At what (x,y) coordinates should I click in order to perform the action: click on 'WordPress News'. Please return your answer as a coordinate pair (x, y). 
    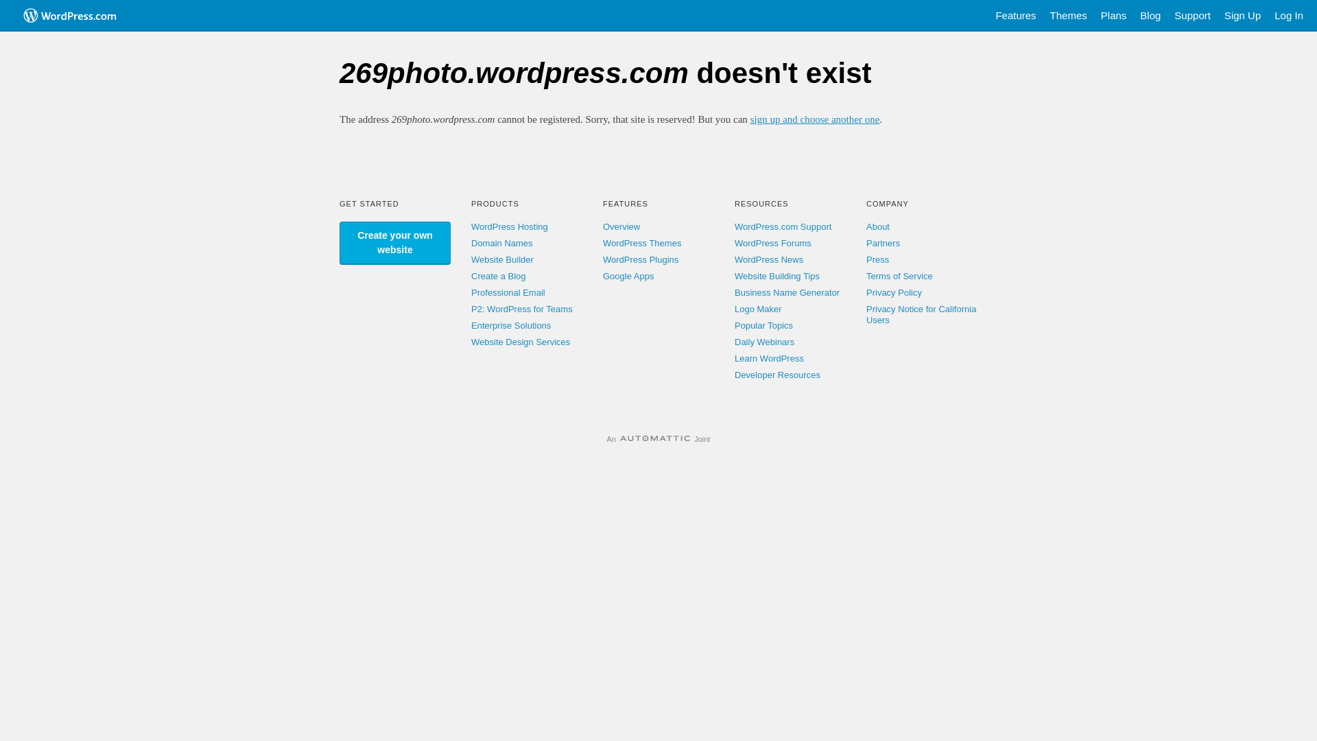
    Looking at the image, I should click on (769, 259).